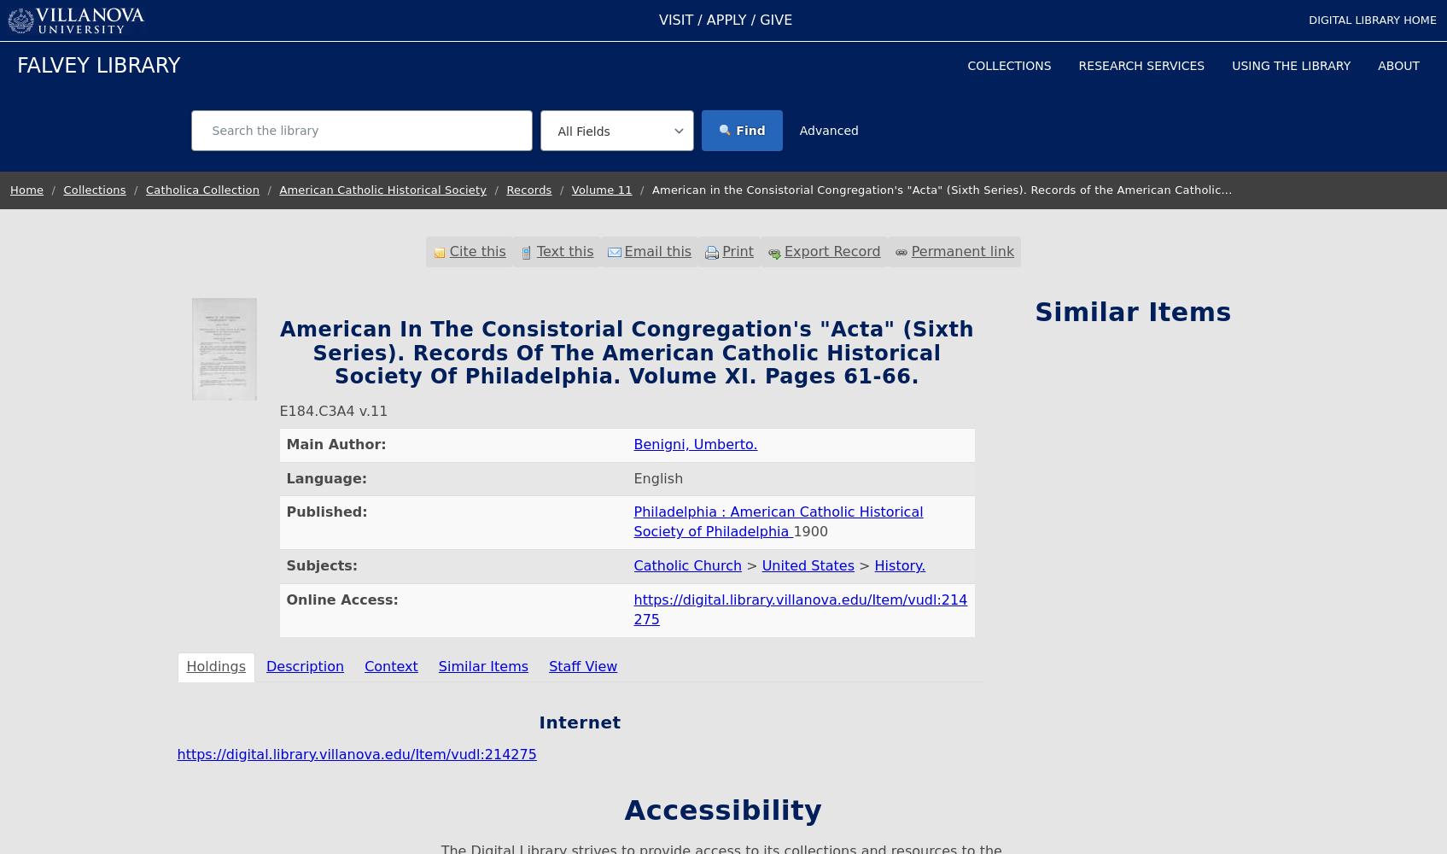 Image resolution: width=1447 pixels, height=854 pixels. What do you see at coordinates (97, 65) in the screenshot?
I see `'Falvey Library'` at bounding box center [97, 65].